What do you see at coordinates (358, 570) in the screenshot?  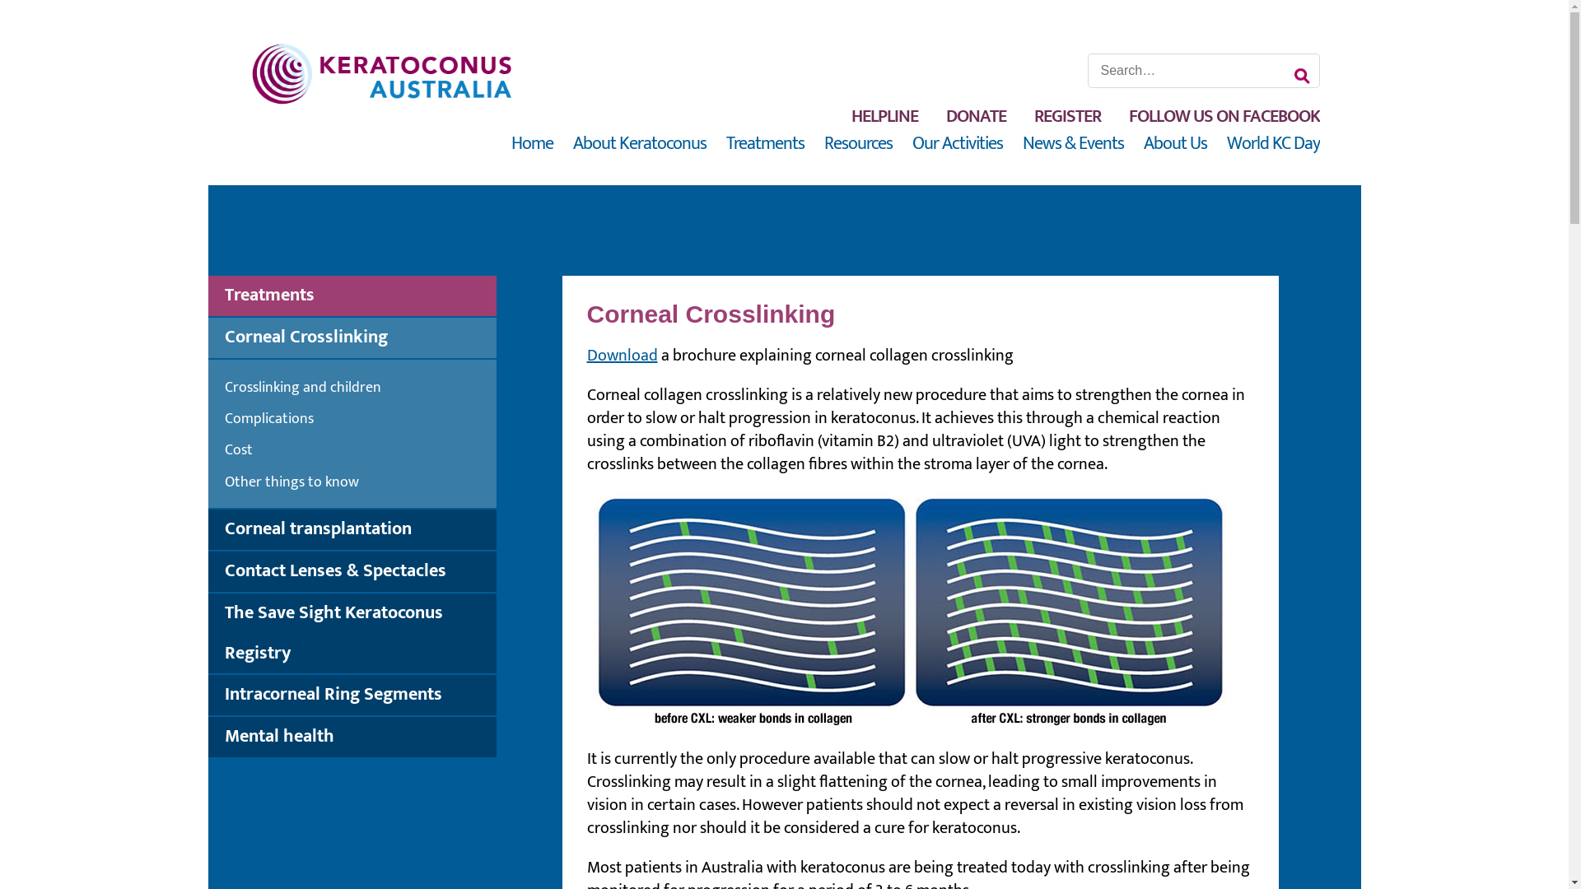 I see `'Contact Lenses & Spectacles'` at bounding box center [358, 570].